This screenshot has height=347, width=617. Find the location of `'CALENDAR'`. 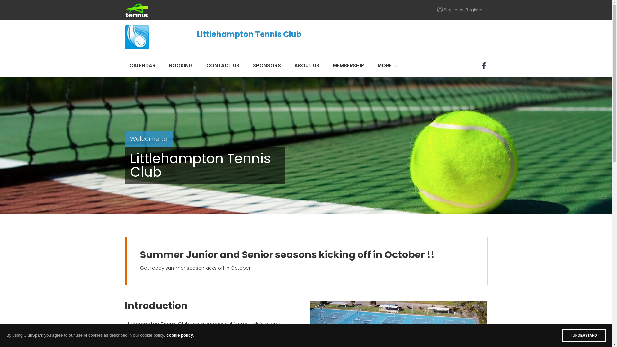

'CALENDAR' is located at coordinates (142, 66).